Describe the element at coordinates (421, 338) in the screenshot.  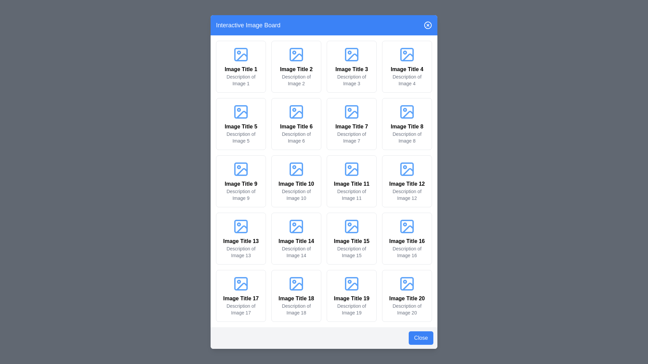
I see `close button at the bottom-right corner to dismiss the dialog` at that location.